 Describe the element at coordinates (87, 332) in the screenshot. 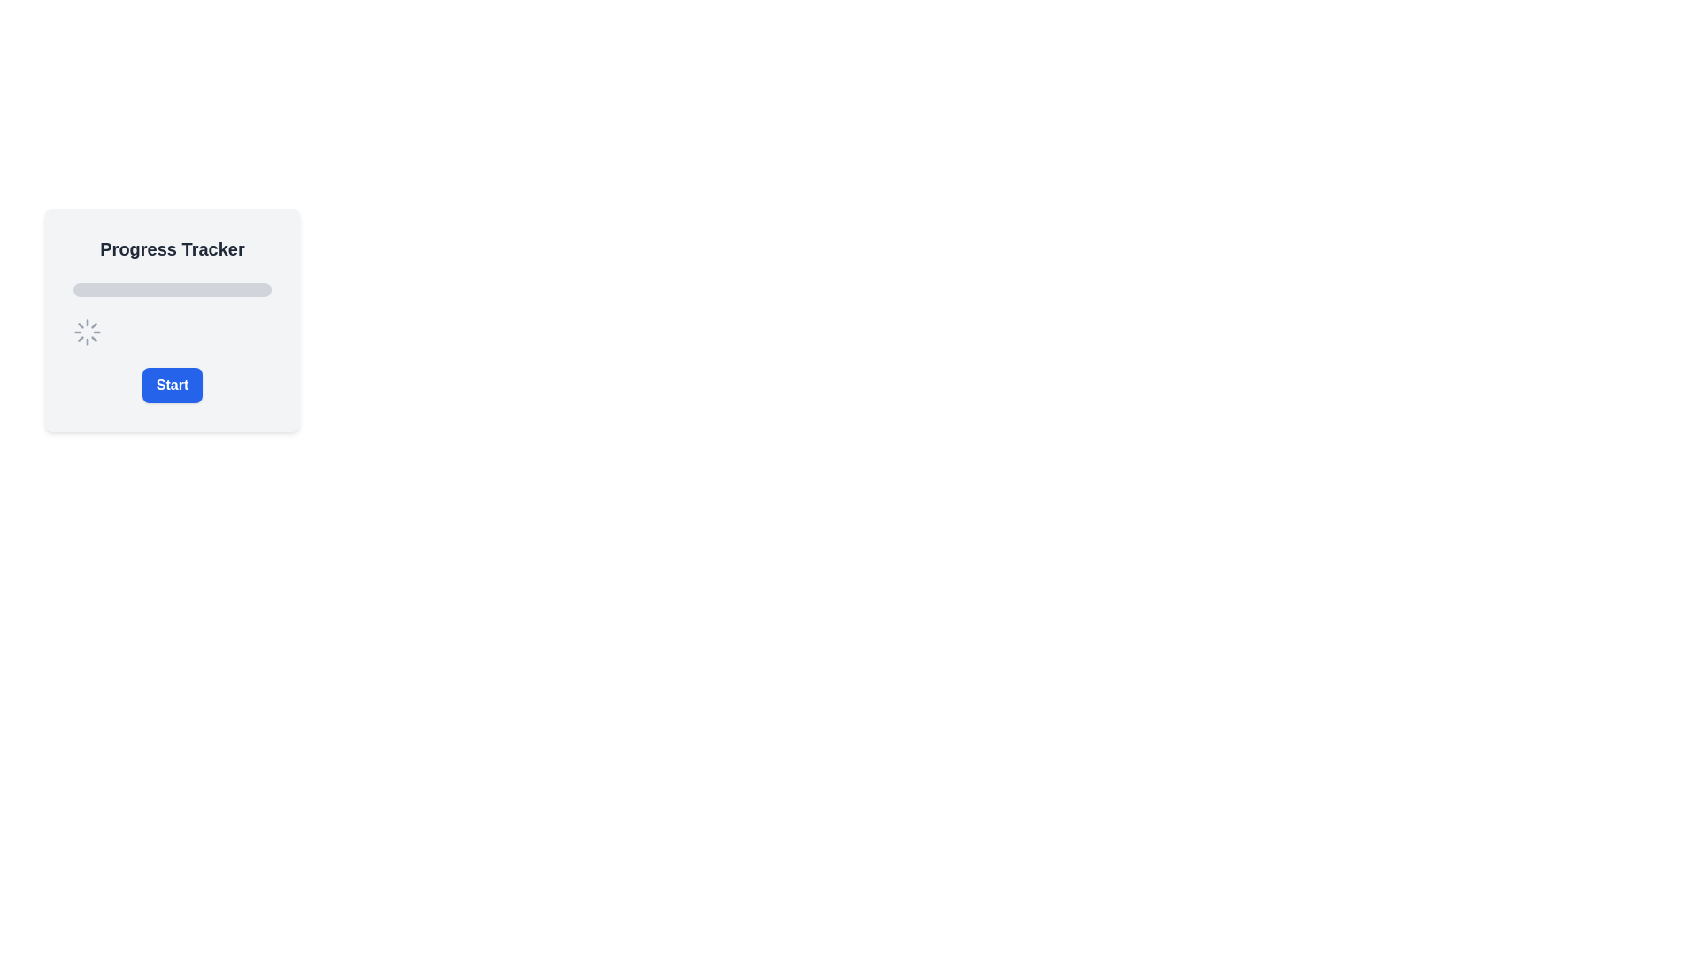

I see `the loading spinner icon located below the 'Progress Tracker' text and above the 'Start' button` at that location.